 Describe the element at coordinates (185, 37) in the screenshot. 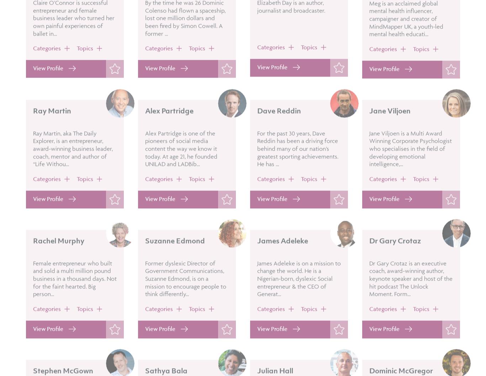

I see `'By the time he was 26 Dominic Colenso had flown a spaceship, lost one million dollars and been fired by Simon Cowell. A former ...'` at that location.